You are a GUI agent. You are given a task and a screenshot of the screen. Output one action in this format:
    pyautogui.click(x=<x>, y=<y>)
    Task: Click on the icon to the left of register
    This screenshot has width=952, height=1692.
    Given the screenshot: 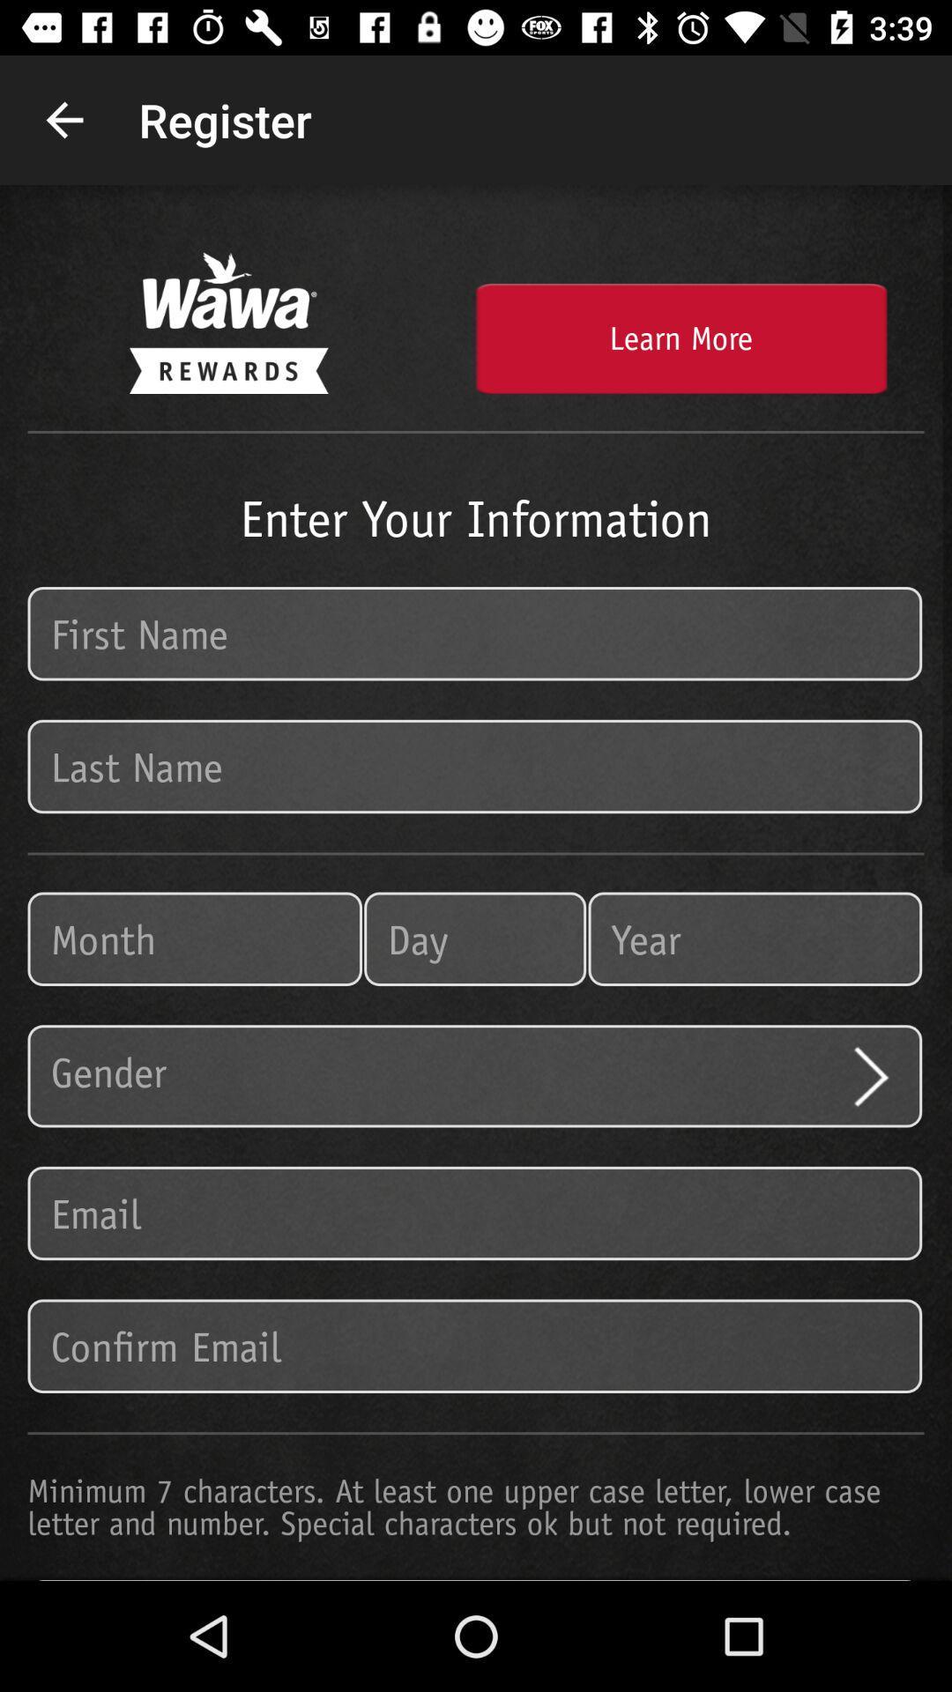 What is the action you would take?
    pyautogui.click(x=63, y=119)
    